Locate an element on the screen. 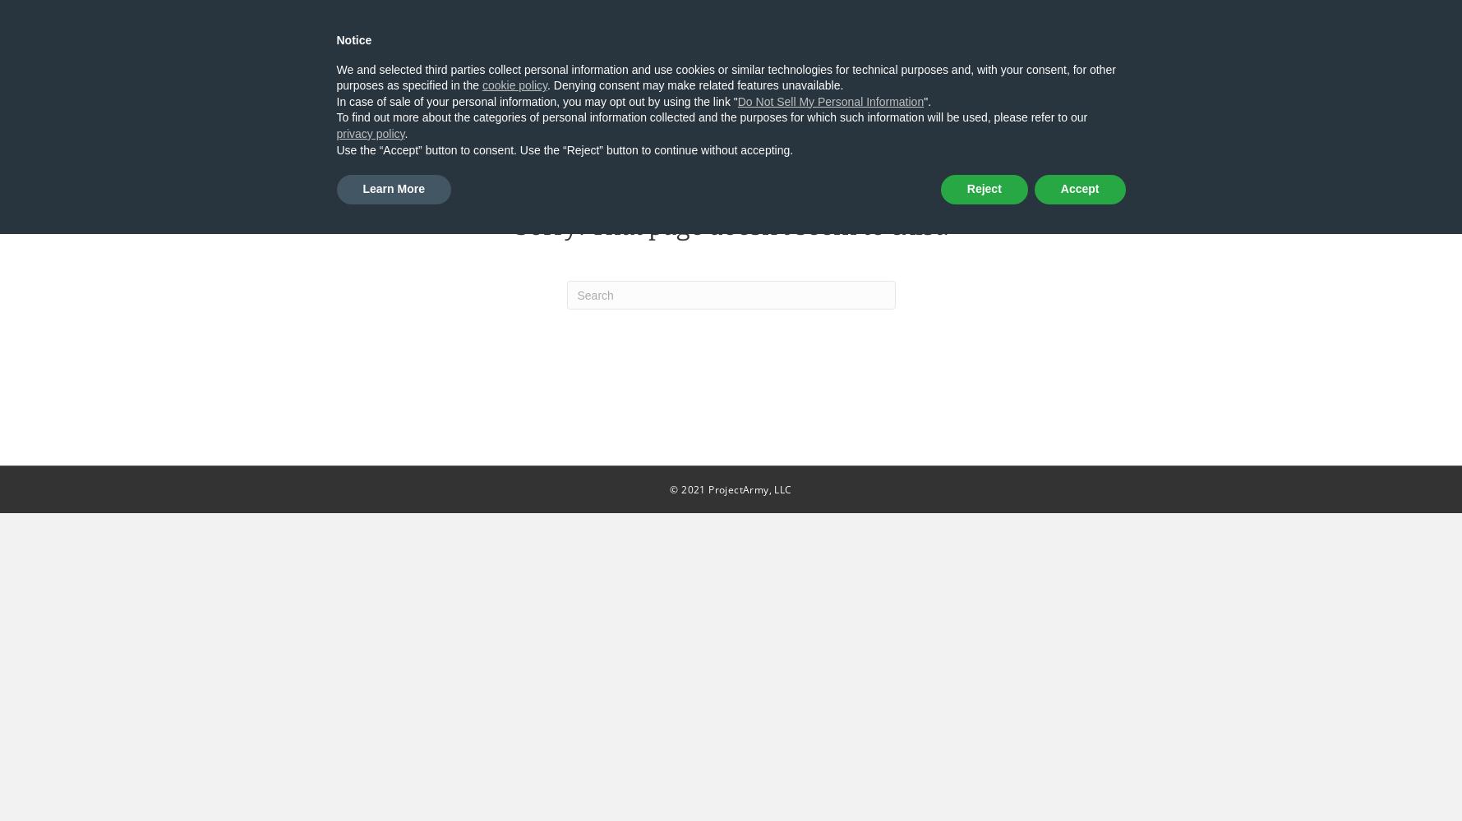 This screenshot has width=1462, height=821. 'Use the “Accept” button to consent. Use the “Reject” button to continue without accepting.' is located at coordinates (565, 149).